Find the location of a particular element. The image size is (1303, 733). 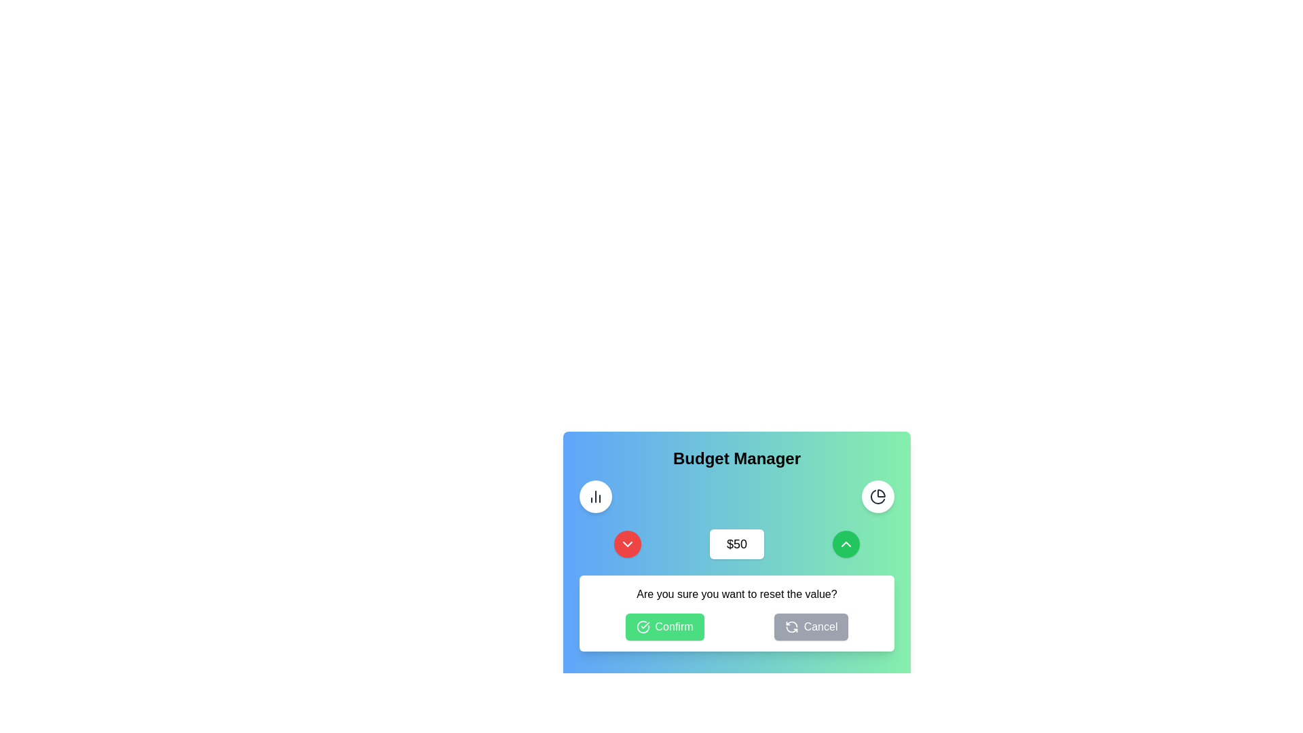

the static text display box that shows the current budget value to focus on it is located at coordinates (736, 544).